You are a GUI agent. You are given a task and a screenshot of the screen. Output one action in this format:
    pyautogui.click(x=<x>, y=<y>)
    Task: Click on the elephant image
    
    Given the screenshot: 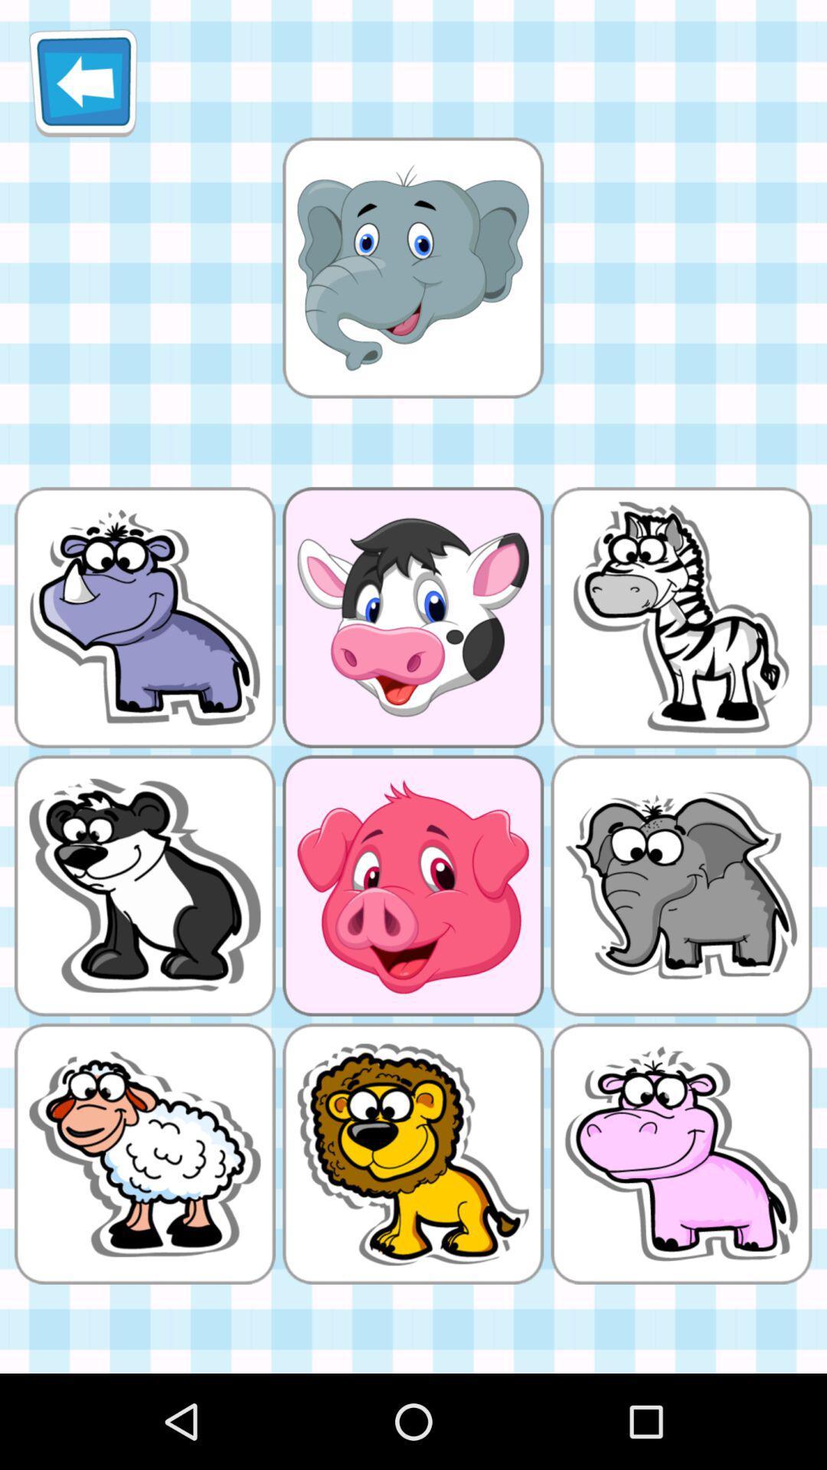 What is the action you would take?
    pyautogui.click(x=412, y=267)
    